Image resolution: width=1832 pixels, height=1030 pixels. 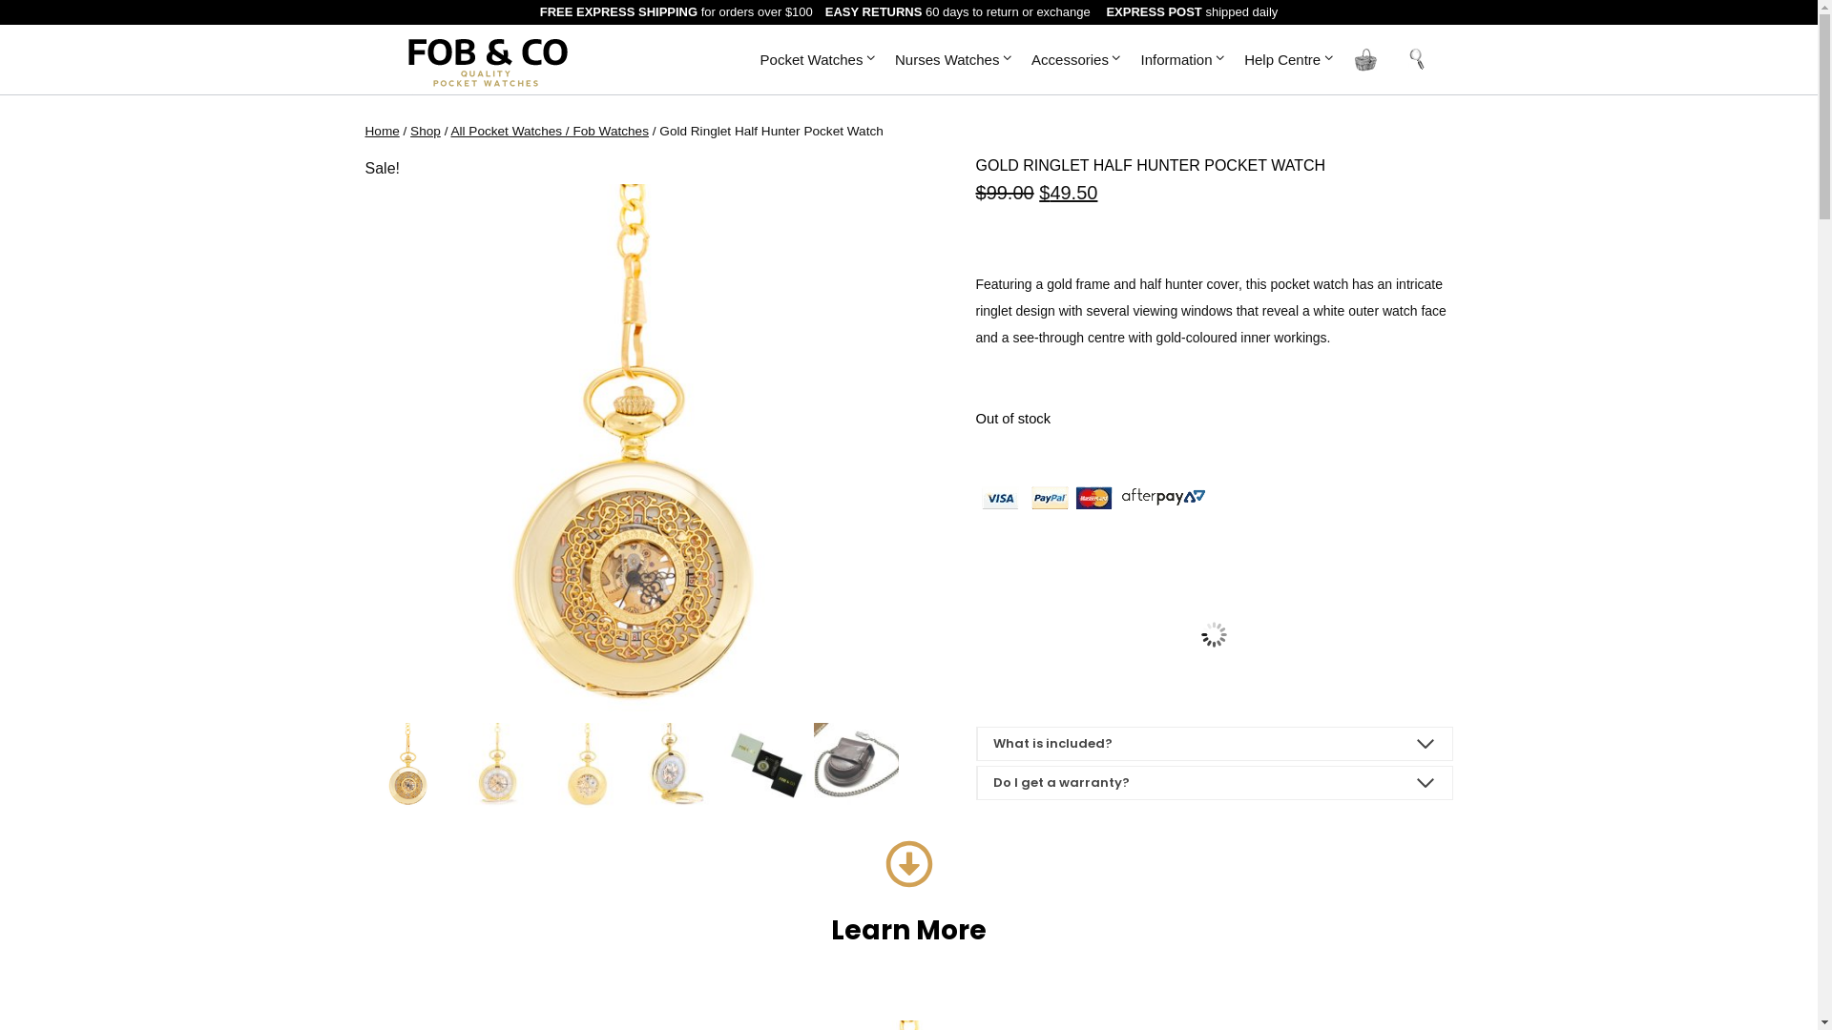 I want to click on 'Information', so click(x=1131, y=57).